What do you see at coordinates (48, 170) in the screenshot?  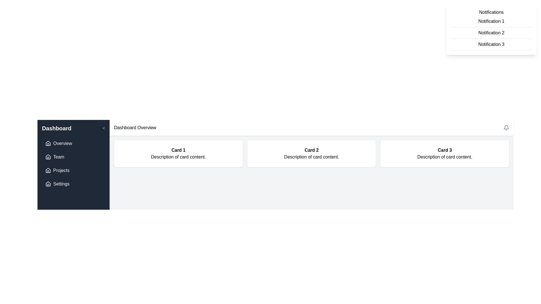 I see `the roof shape of the house icon in the sidebar, located next to the 'Overview' label` at bounding box center [48, 170].